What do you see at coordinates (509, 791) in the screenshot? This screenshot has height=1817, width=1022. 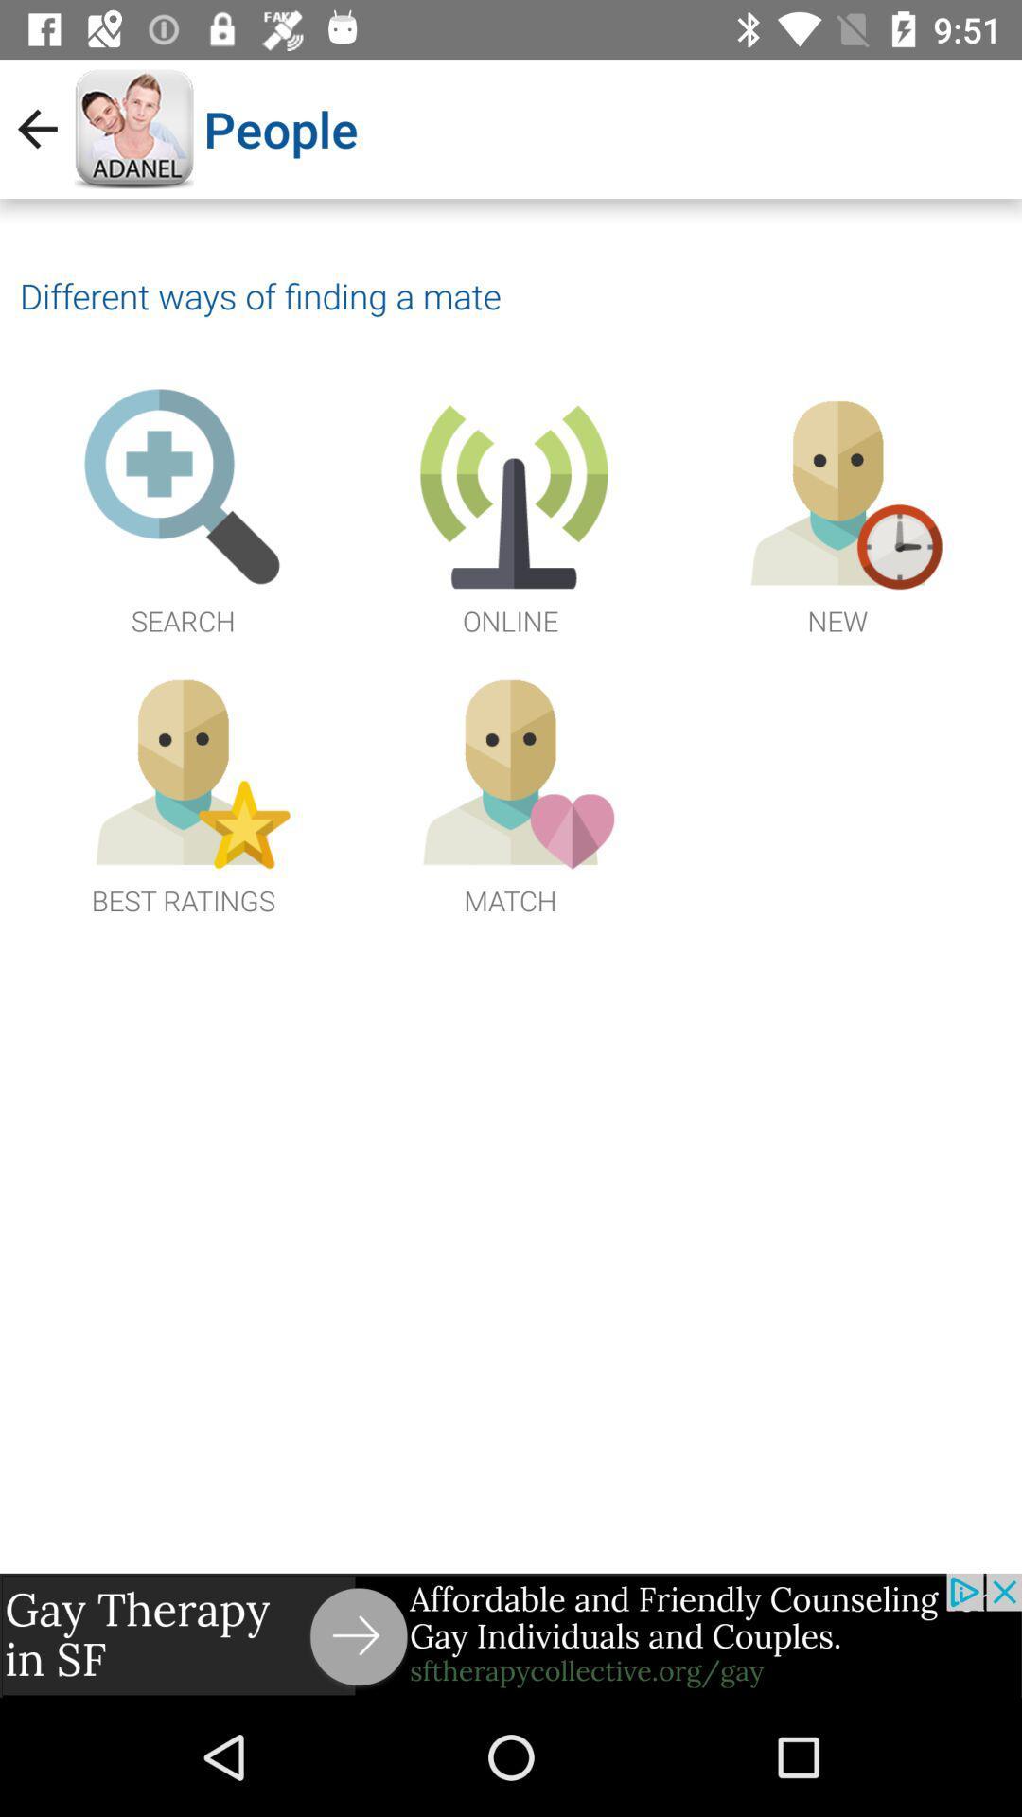 I see `match` at bounding box center [509, 791].